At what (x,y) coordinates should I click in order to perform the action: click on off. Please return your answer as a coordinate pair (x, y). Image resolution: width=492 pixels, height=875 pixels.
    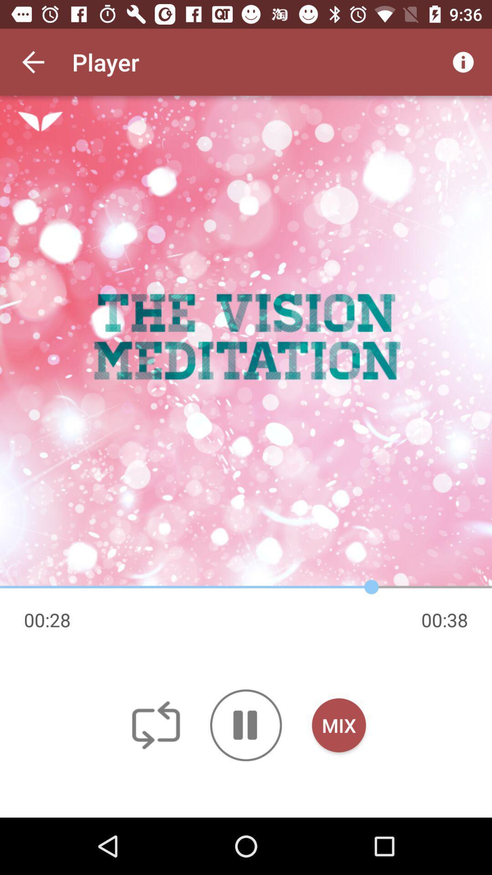
    Looking at the image, I should click on (155, 725).